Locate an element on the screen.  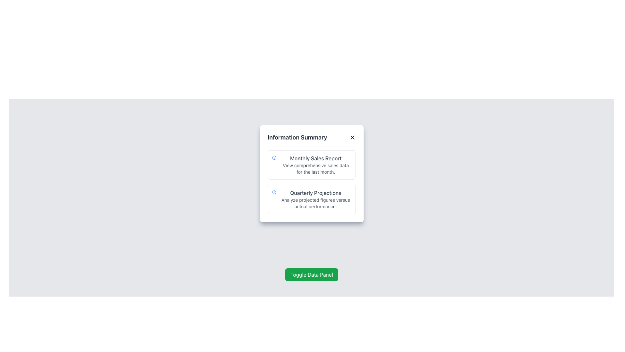
the title text label for 'Quarterly Projections' located is located at coordinates (315, 192).